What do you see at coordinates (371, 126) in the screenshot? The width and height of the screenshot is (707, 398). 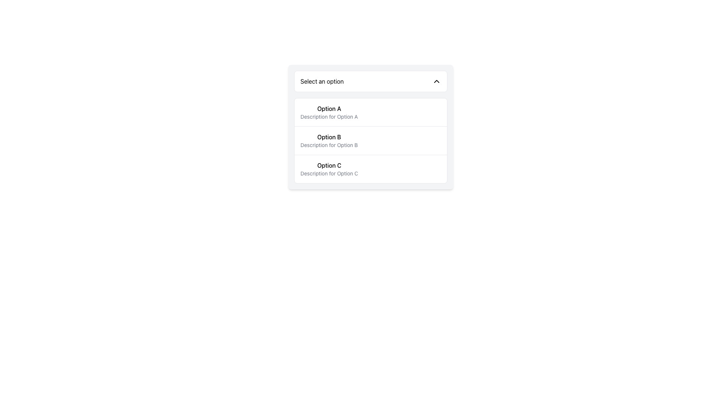 I see `to select the second option in the dropdown list labeled 'Option B', which features a white background and includes a description below it` at bounding box center [371, 126].